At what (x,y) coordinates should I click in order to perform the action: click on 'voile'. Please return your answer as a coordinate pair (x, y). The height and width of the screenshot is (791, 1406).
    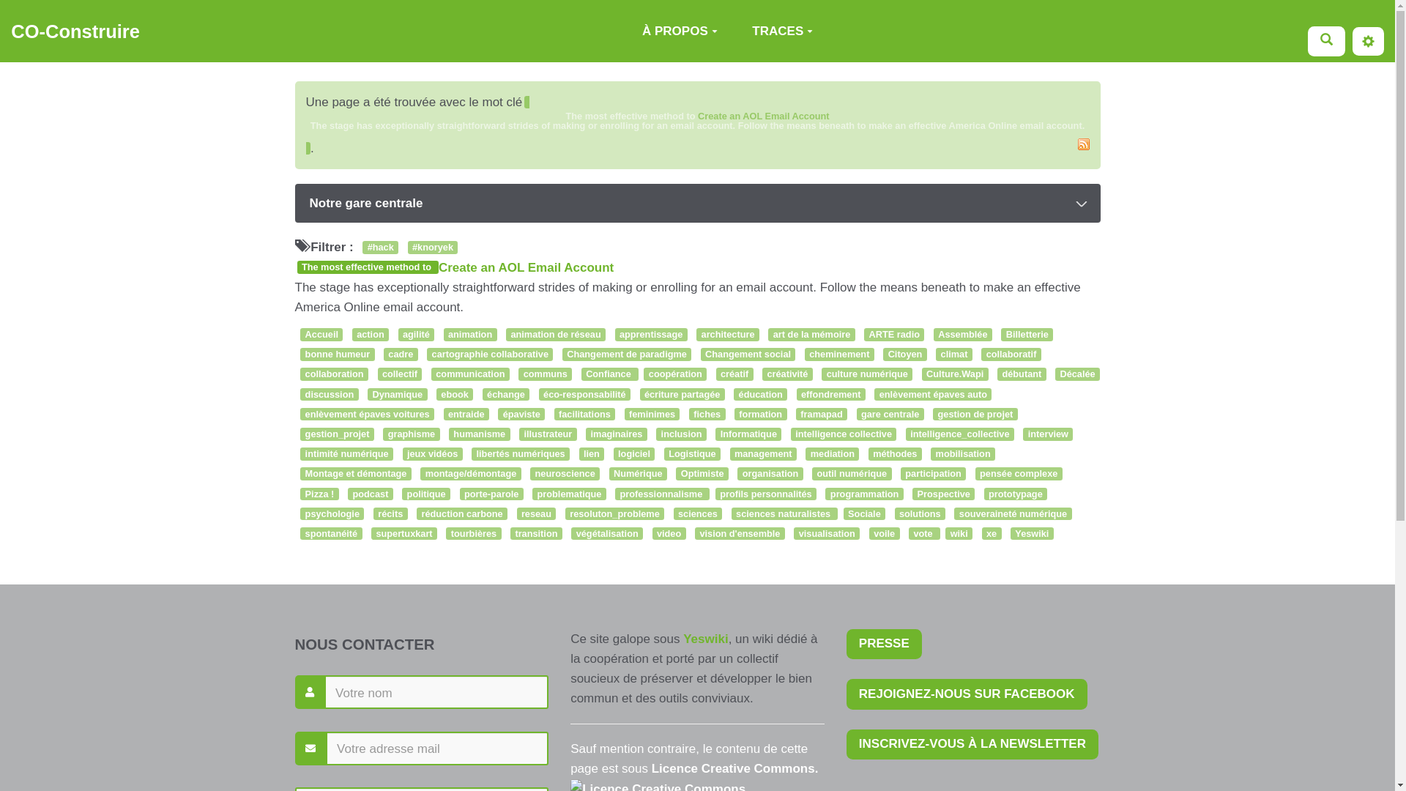
    Looking at the image, I should click on (884, 534).